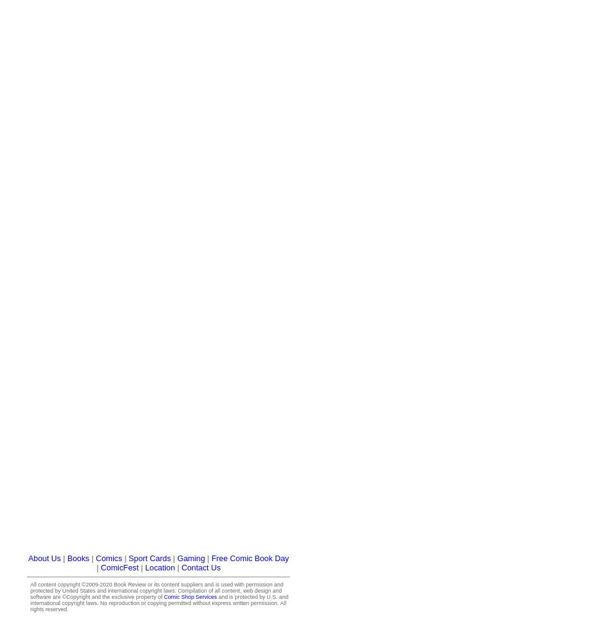 The height and width of the screenshot is (618, 616). I want to click on 'Sport Cards', so click(149, 558).